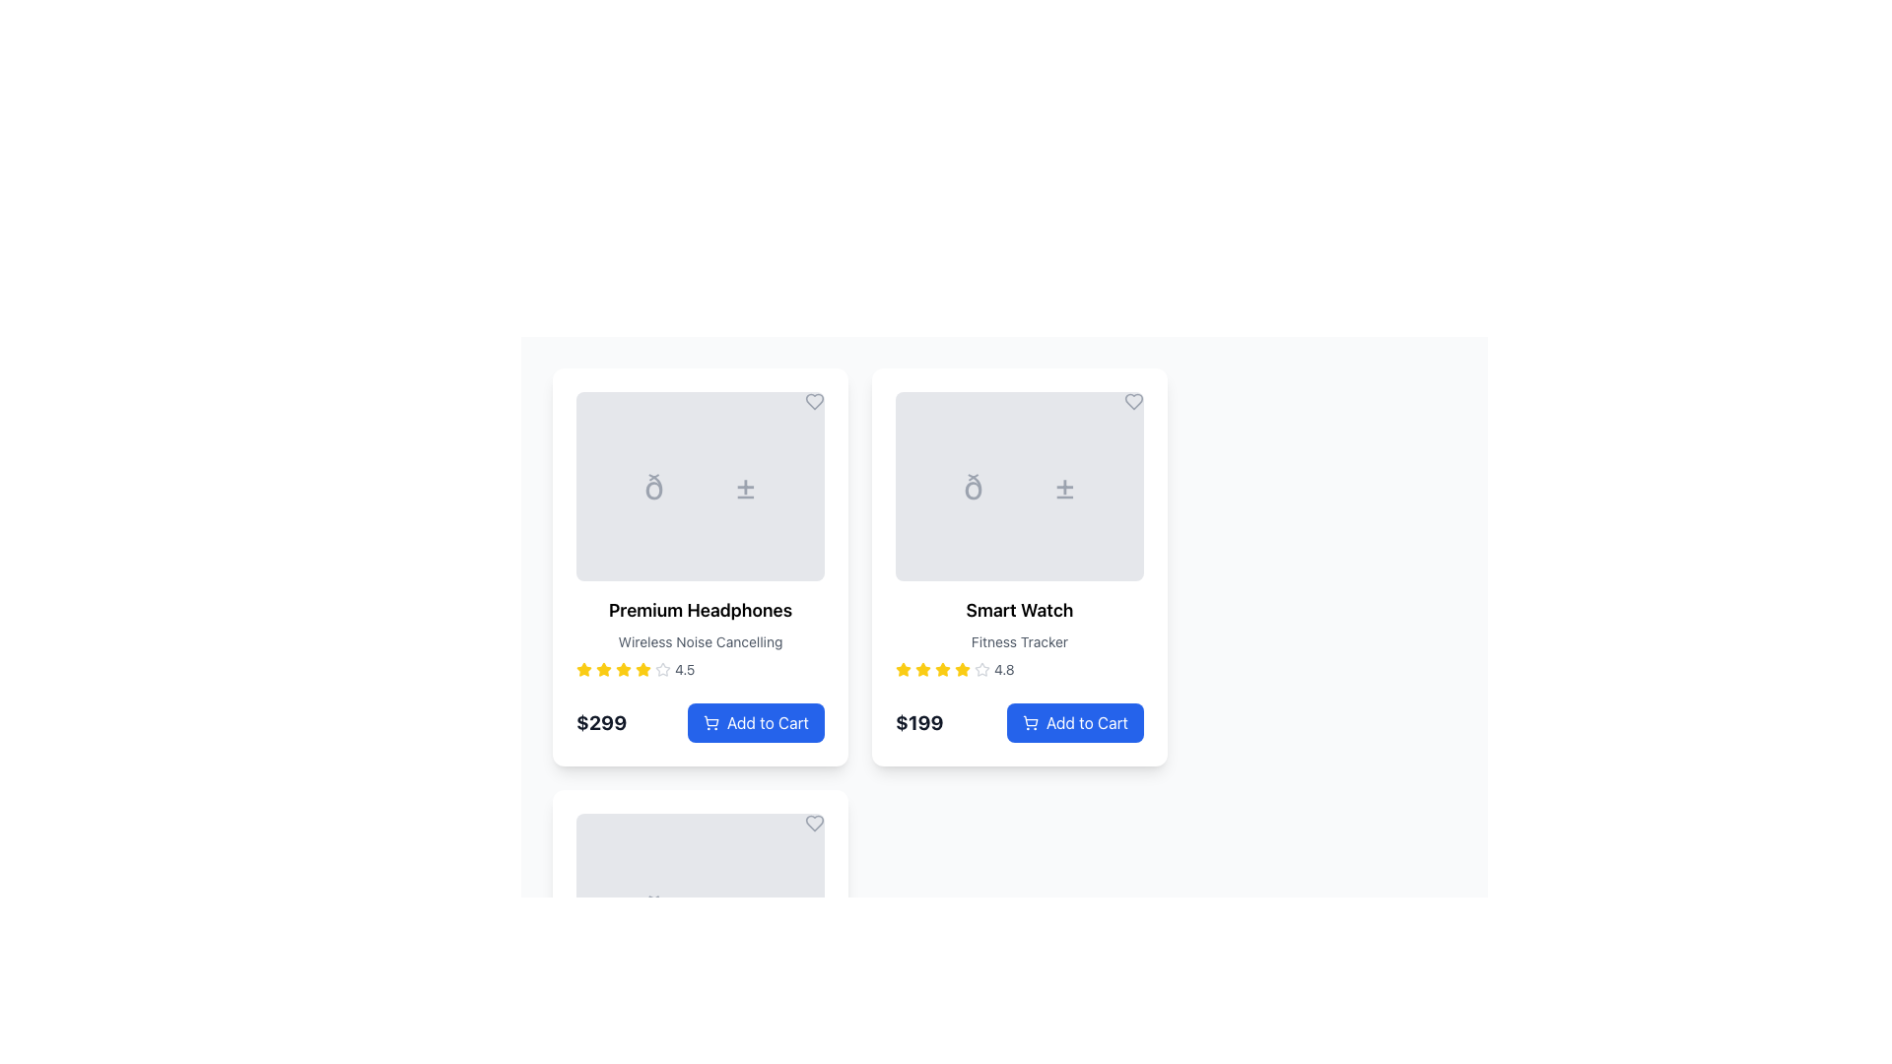 This screenshot has height=1064, width=1892. I want to click on the heart-shaped icon with a thin gray outline in the top-right corner of the bottom-left card to mark it as a favorite, so click(814, 824).